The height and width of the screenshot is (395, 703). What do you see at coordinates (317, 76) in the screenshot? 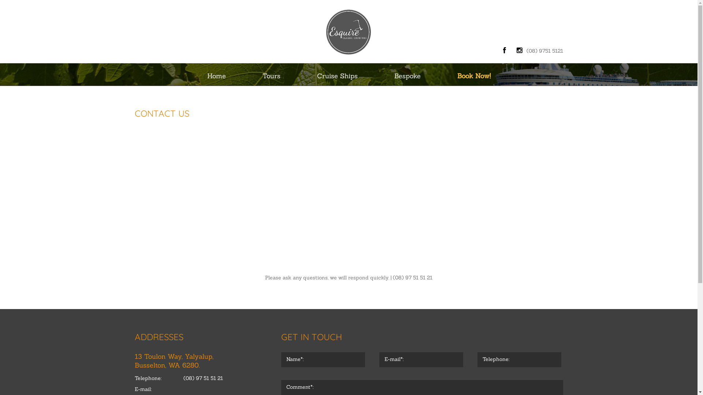
I see `'Cruise Ships'` at bounding box center [317, 76].